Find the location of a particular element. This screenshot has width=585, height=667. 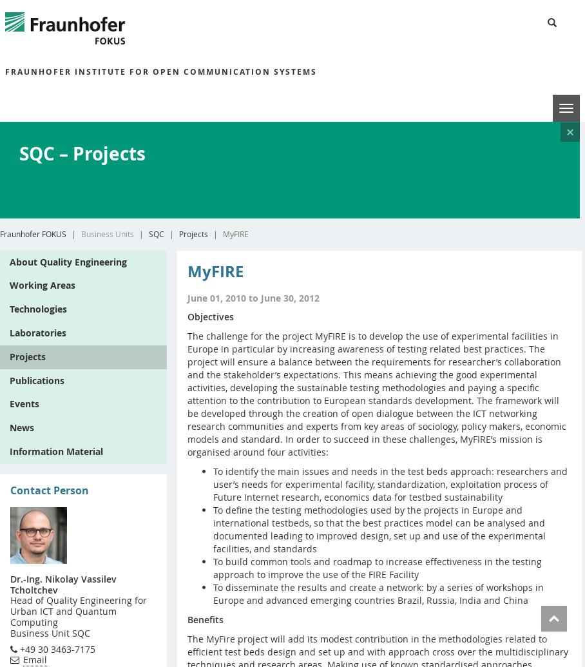

'Contact Person' is located at coordinates (48, 489).